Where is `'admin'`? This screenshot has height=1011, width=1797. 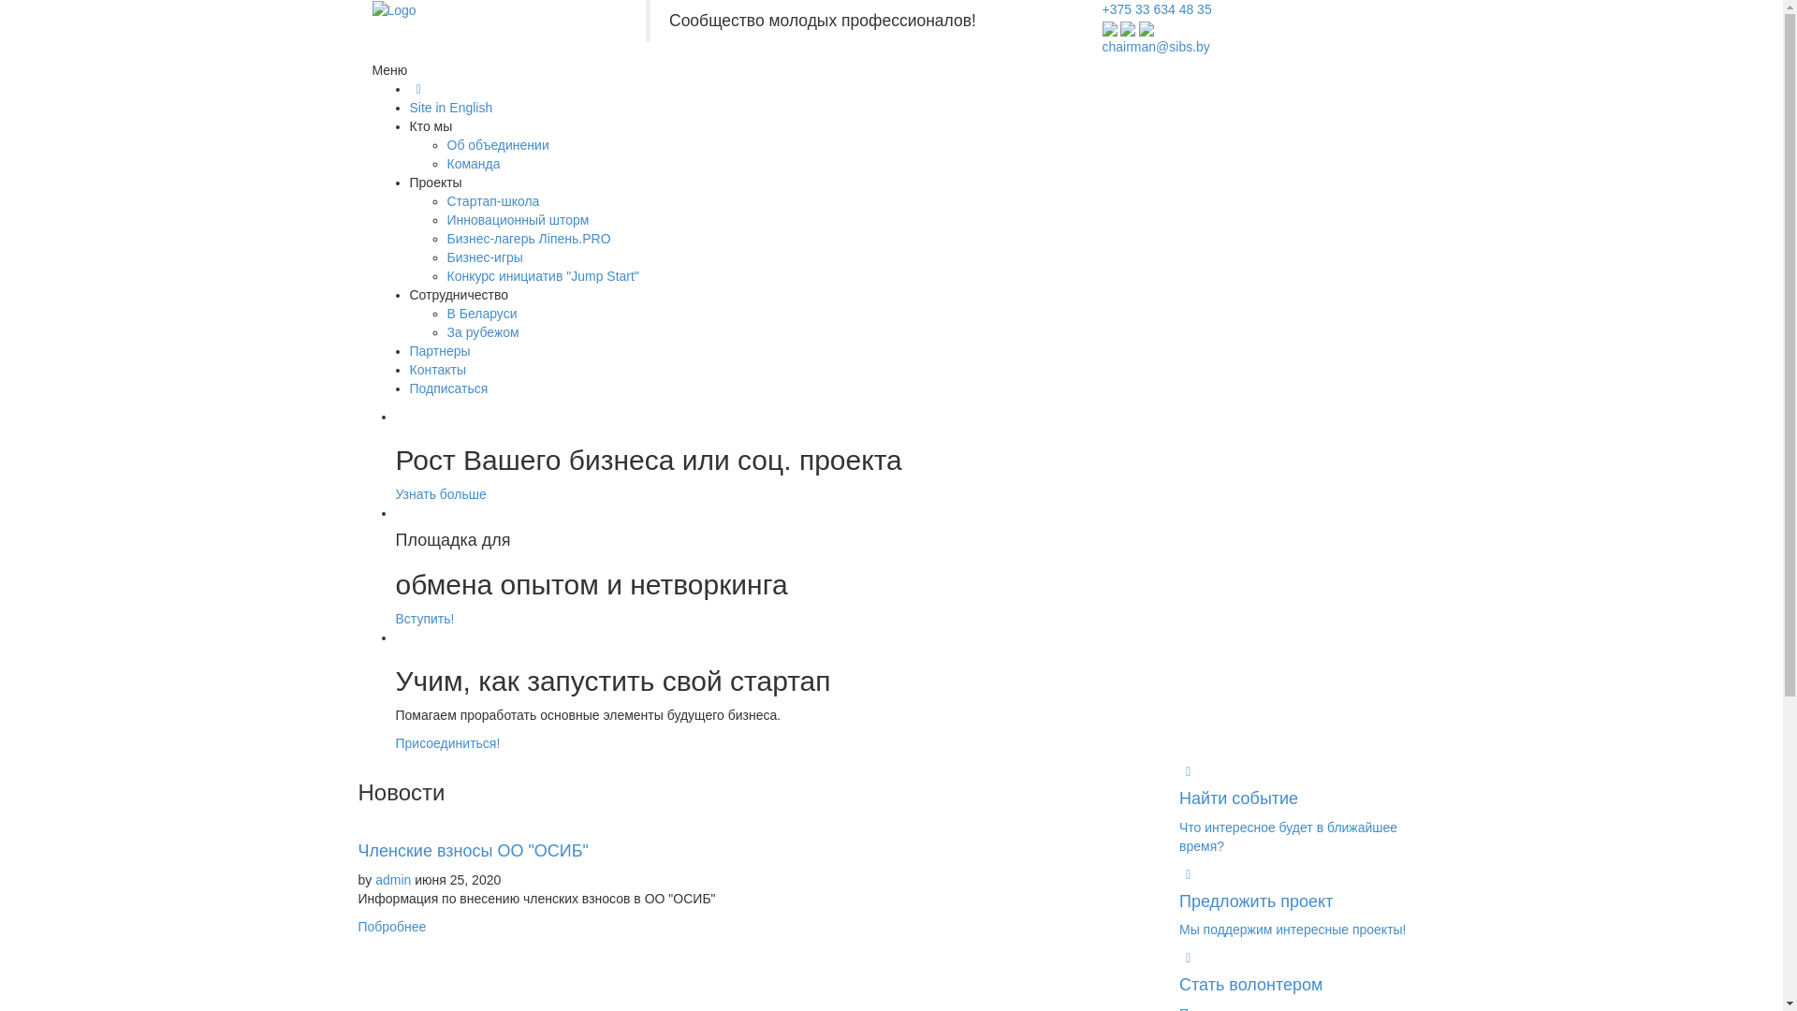
'admin' is located at coordinates (392, 880).